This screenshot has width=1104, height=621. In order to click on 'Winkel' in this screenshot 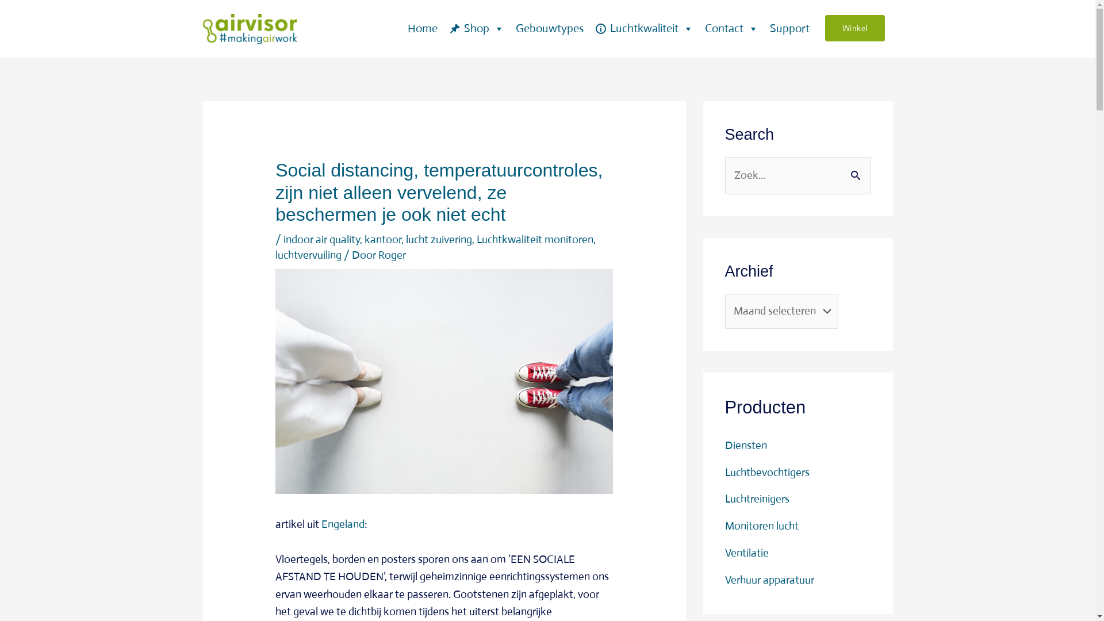, I will do `click(854, 28)`.